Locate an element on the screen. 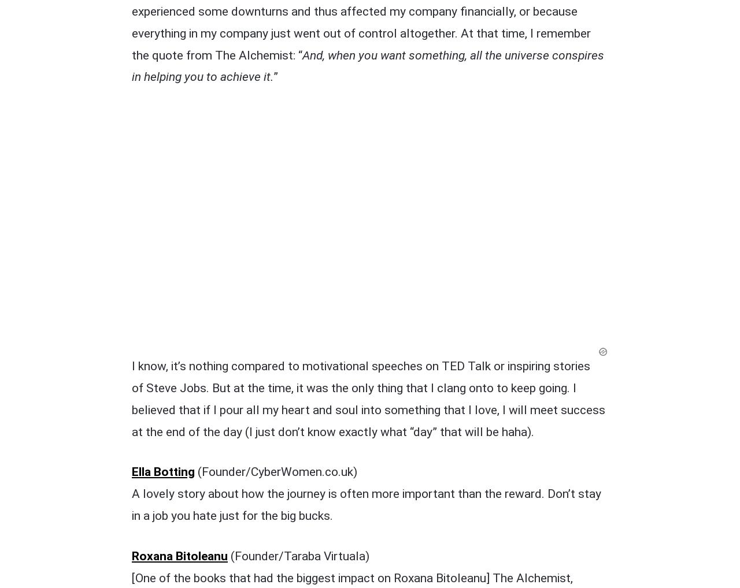 The image size is (740, 588). '[One of the books that had the biggest impact on Roxana Bitoleanu]
The Alchemist, because we shouldn't look for happiness further than ourselves.' is located at coordinates (351, 348).